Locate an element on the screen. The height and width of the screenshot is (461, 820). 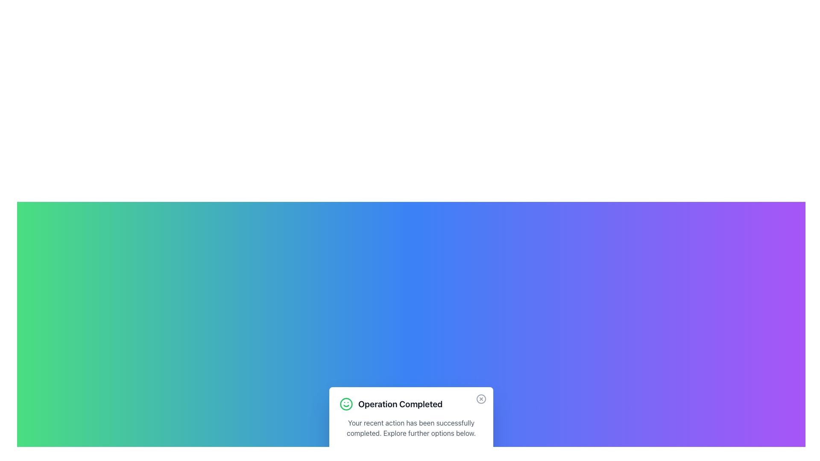
the decorative circle element that is part of the close icon in the top-right corner of the notification card is located at coordinates (481, 399).